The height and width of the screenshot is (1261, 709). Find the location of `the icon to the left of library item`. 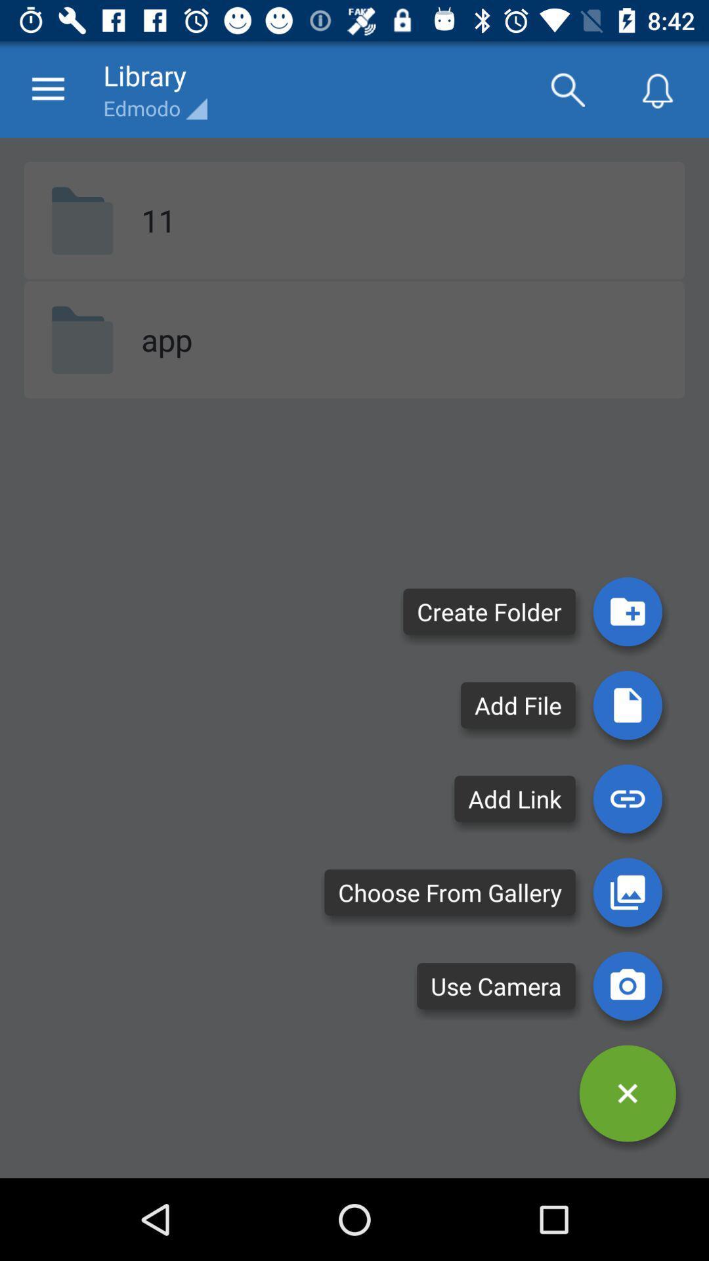

the icon to the left of library item is located at coordinates (47, 89).